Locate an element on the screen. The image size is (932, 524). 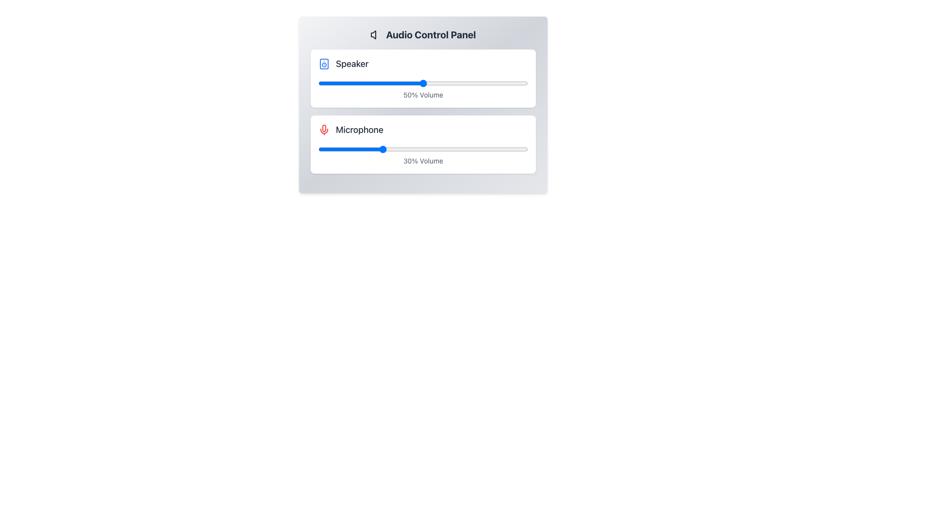
the microphone control icon located next to the 'Microphone' label in the 'Audio Control Panel' widget is located at coordinates (324, 128).